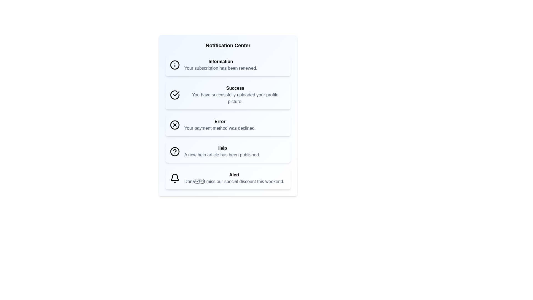  What do you see at coordinates (174, 95) in the screenshot?
I see `the notification icon for Success` at bounding box center [174, 95].